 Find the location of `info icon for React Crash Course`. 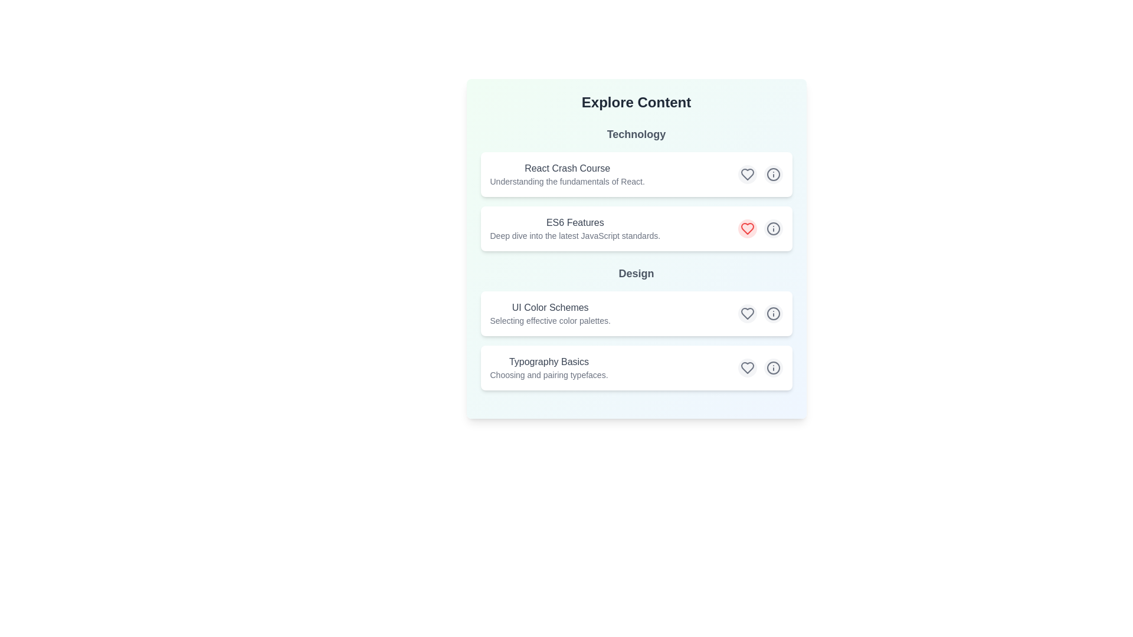

info icon for React Crash Course is located at coordinates (773, 175).